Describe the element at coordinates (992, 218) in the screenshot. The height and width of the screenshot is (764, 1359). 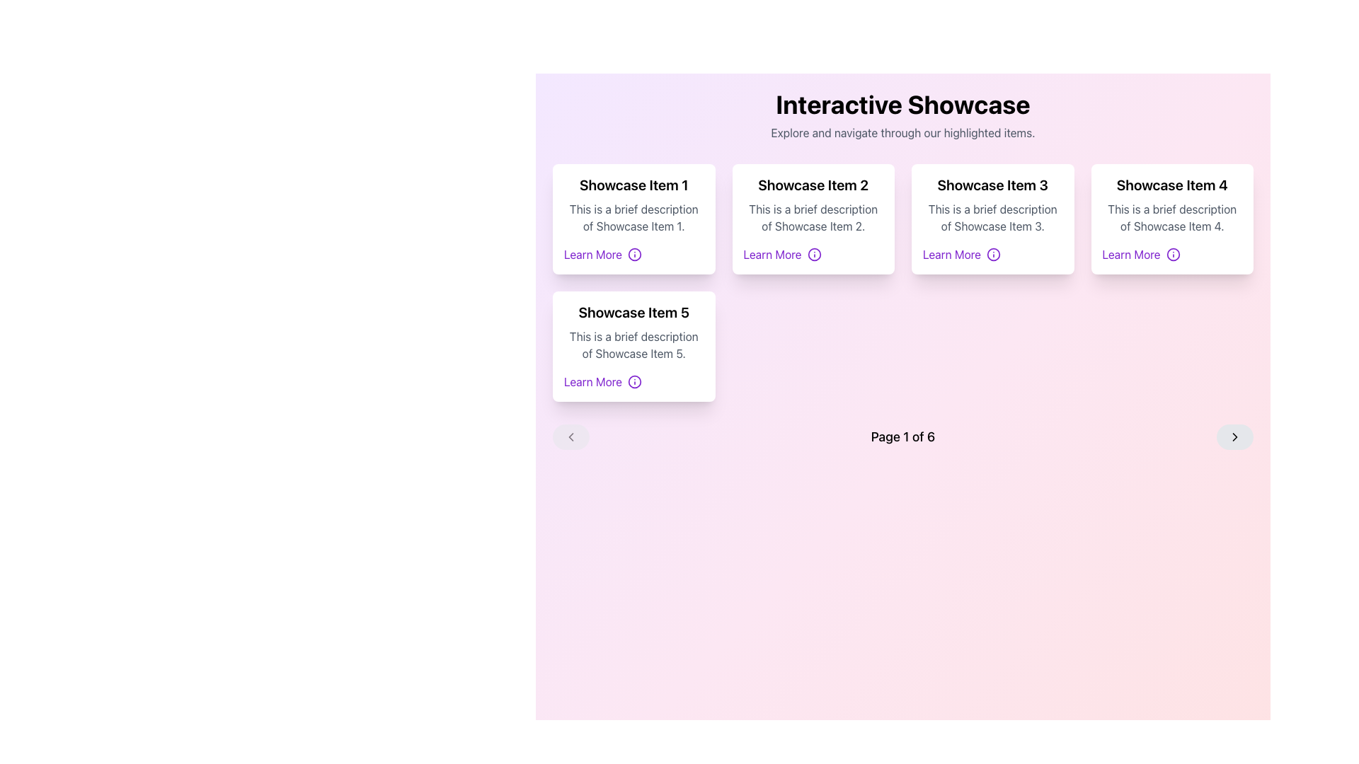
I see `the Text block providing descriptive information about 'Showcase Item 3', located in the third card from the left, below the title and above the 'Learn More' link` at that location.